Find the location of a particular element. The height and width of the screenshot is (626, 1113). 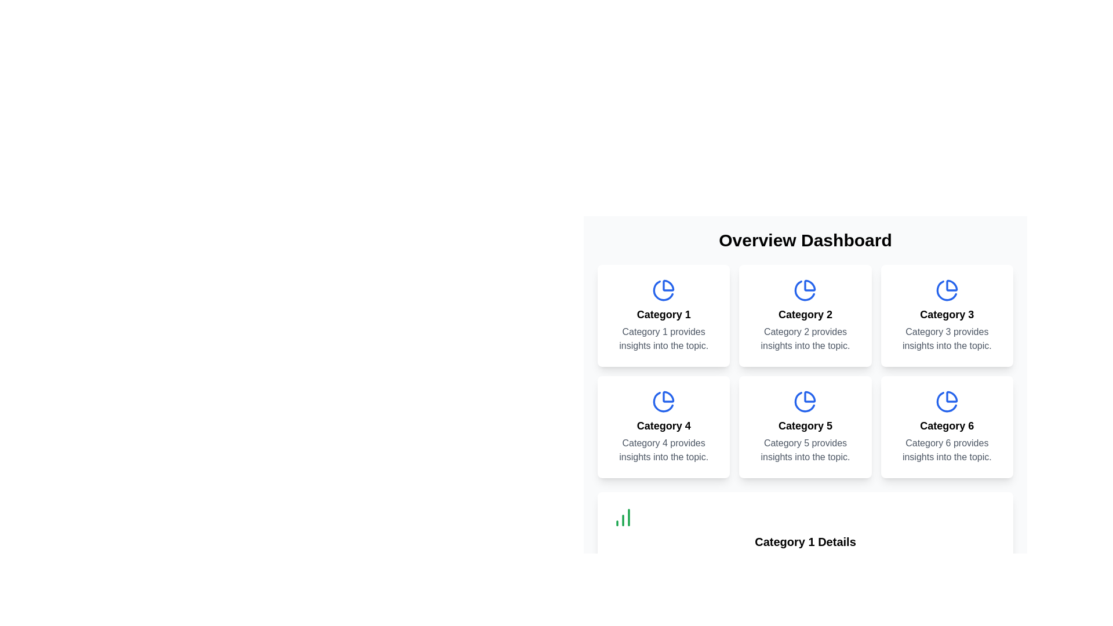

the right segment of the SVG pie chart icon, which visually indicates a specific portion of a whole is located at coordinates (952, 285).